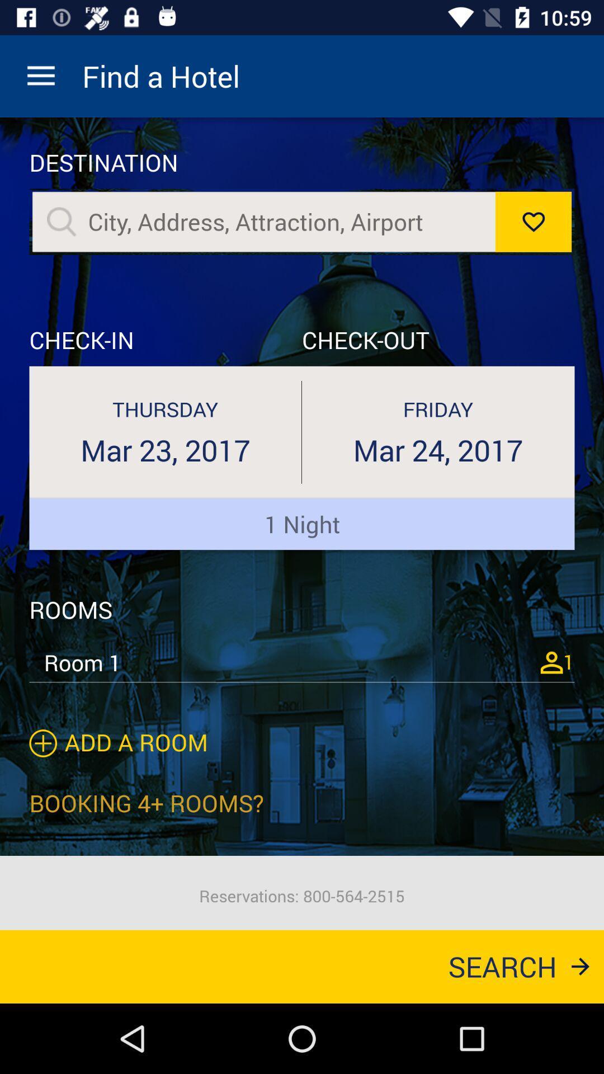 The image size is (604, 1074). What do you see at coordinates (285, 222) in the screenshot?
I see `search box` at bounding box center [285, 222].